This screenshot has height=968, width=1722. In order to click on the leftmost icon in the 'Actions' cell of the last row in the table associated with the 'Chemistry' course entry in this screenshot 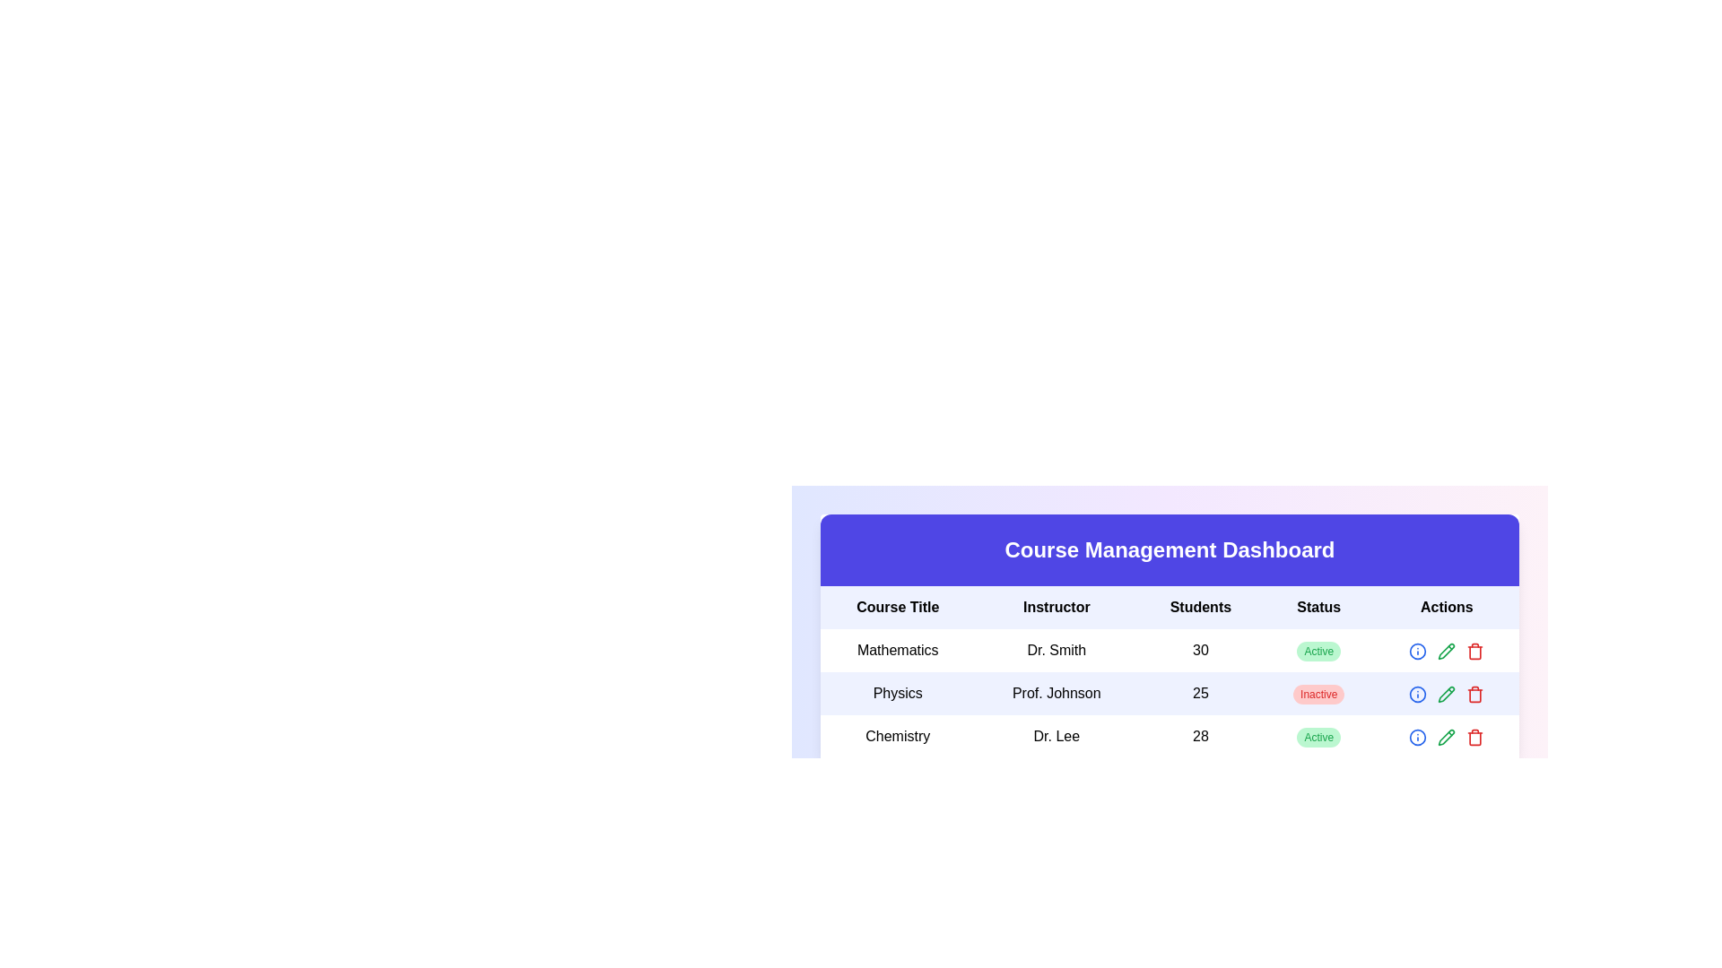, I will do `click(1417, 737)`.